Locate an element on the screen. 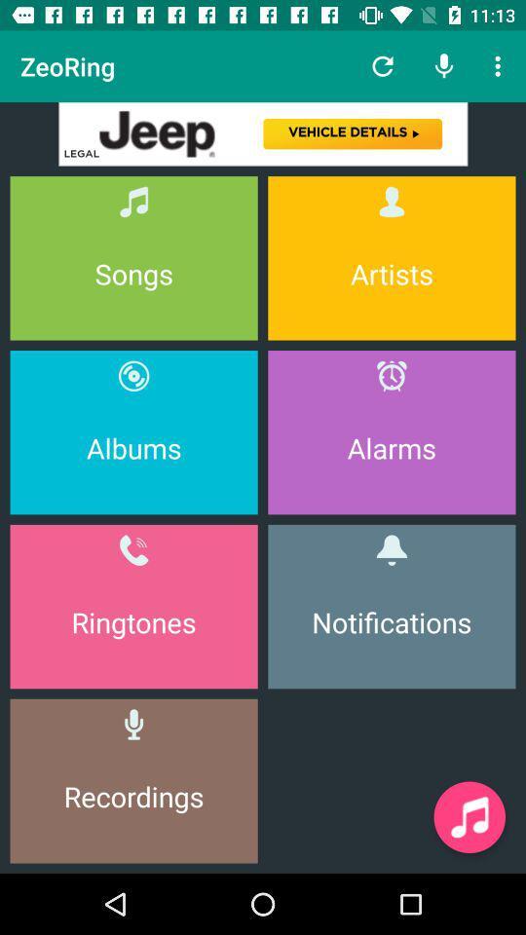 This screenshot has width=526, height=935. the refresh icon on the top of the web page is located at coordinates (383, 66).